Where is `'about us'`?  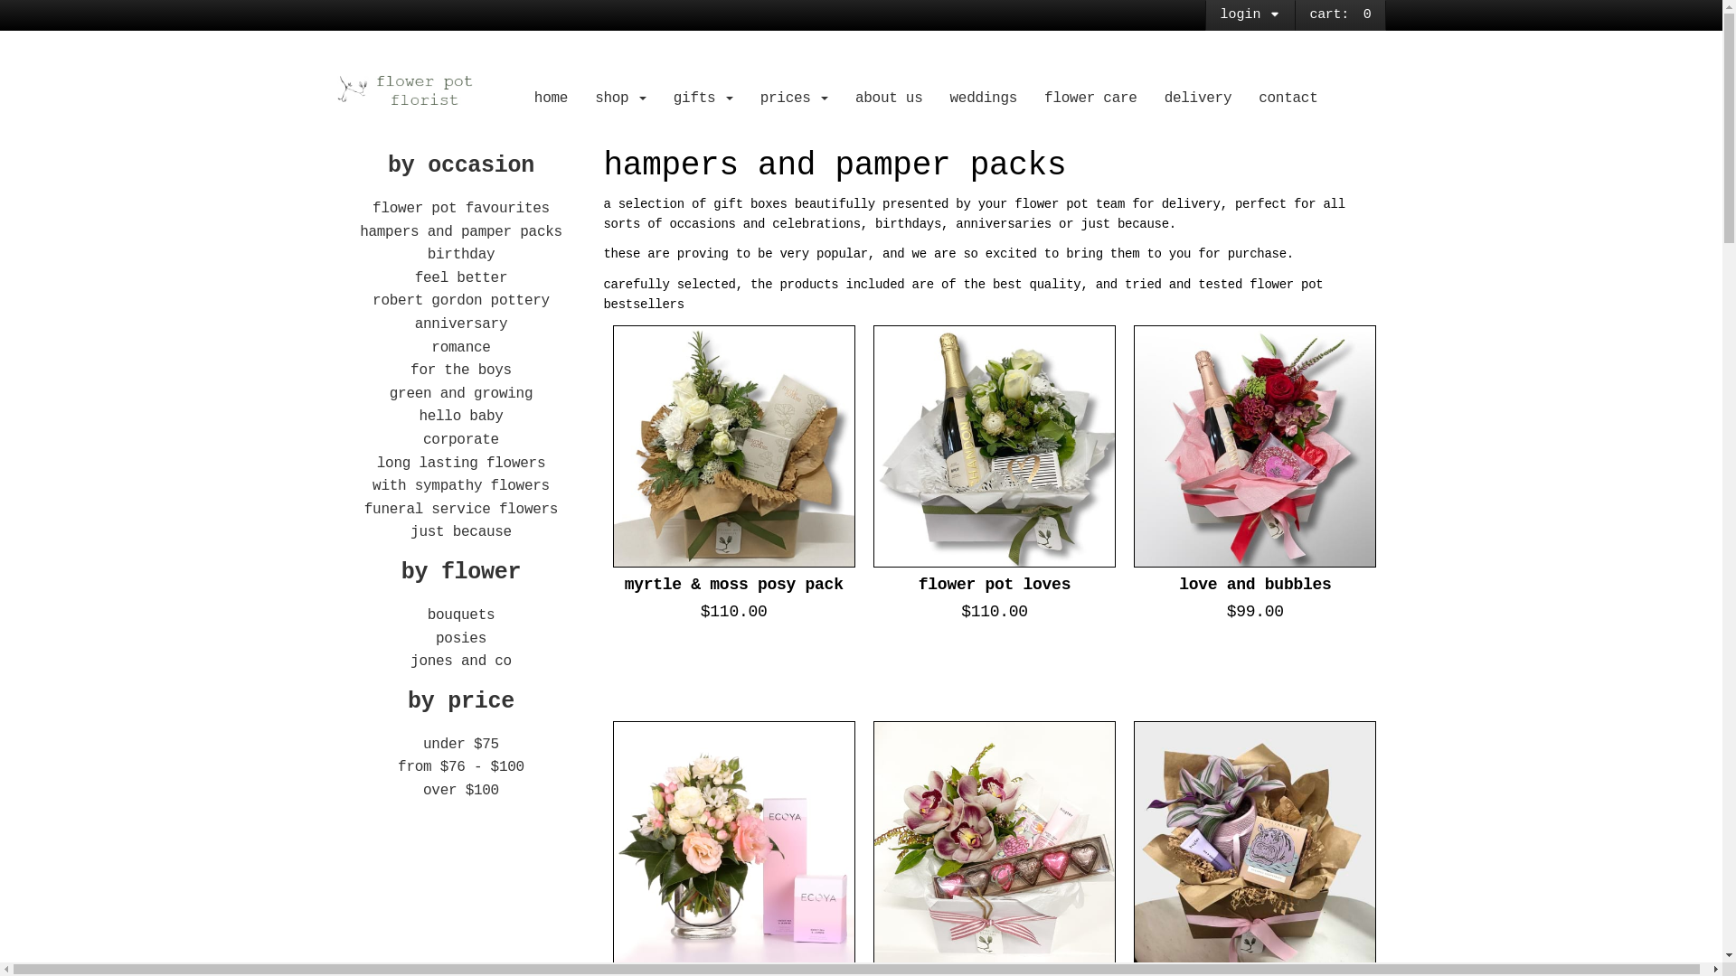
'about us' is located at coordinates (841, 98).